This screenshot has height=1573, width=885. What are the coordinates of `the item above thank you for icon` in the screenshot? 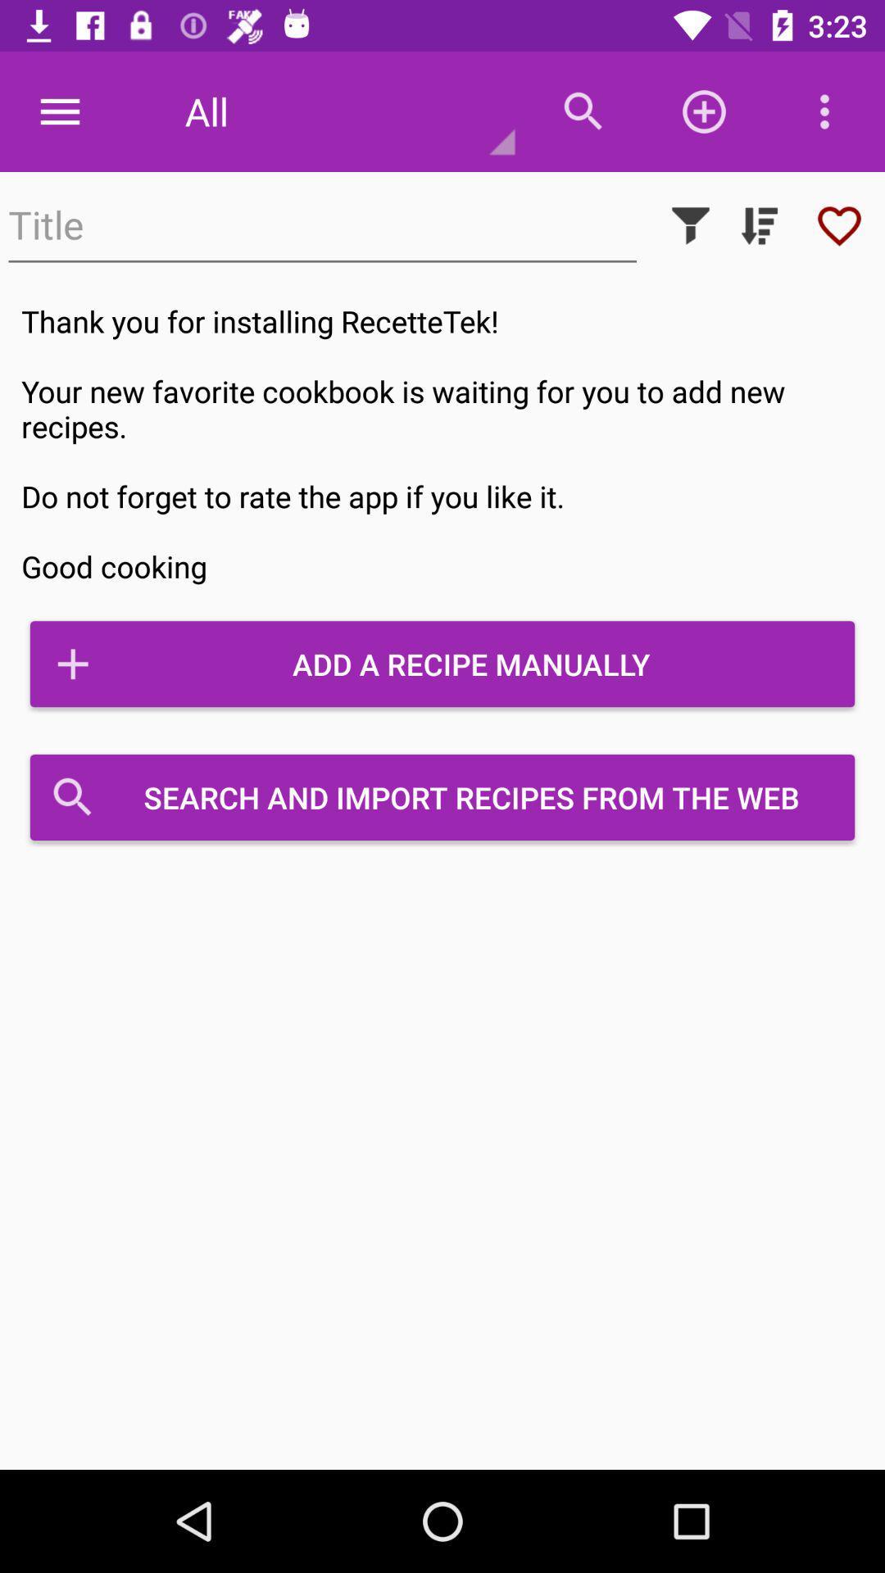 It's located at (691, 224).